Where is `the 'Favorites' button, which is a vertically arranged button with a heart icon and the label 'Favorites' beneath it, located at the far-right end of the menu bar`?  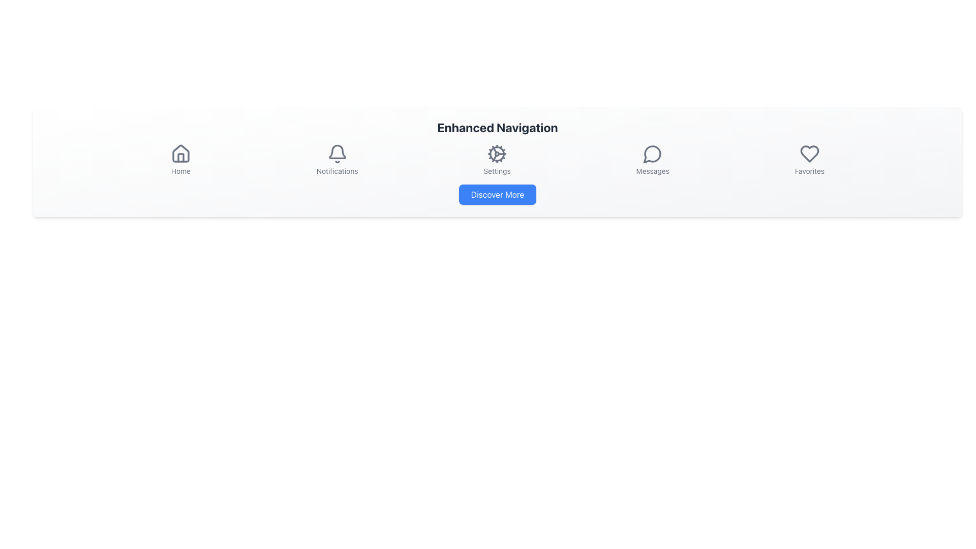
the 'Favorites' button, which is a vertically arranged button with a heart icon and the label 'Favorites' beneath it, located at the far-right end of the menu bar is located at coordinates (809, 160).